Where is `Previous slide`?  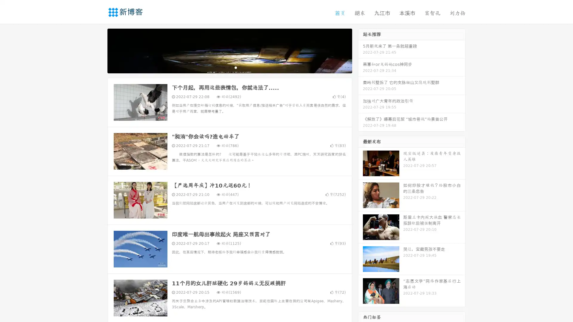
Previous slide is located at coordinates (98, 50).